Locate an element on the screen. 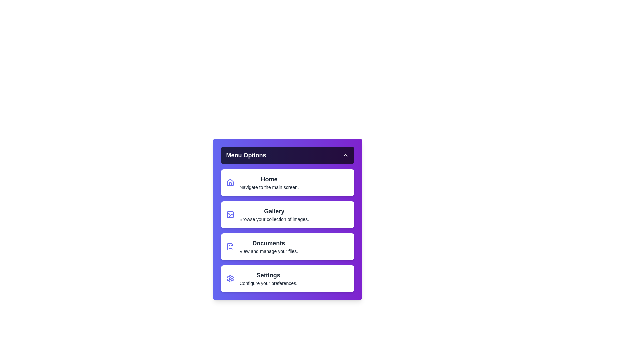  the menu item labeled Gallery is located at coordinates (287, 215).